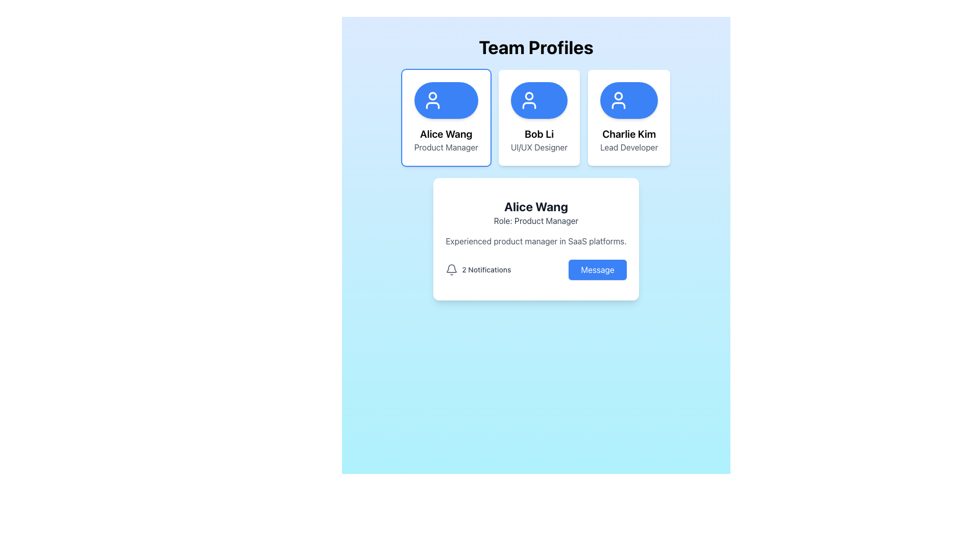 Image resolution: width=980 pixels, height=551 pixels. What do you see at coordinates (538, 147) in the screenshot?
I see `the text representing the professional role or designation of 'Bob Li', located directly beneath his name within the middle card of the 'Team Profiles' section` at bounding box center [538, 147].